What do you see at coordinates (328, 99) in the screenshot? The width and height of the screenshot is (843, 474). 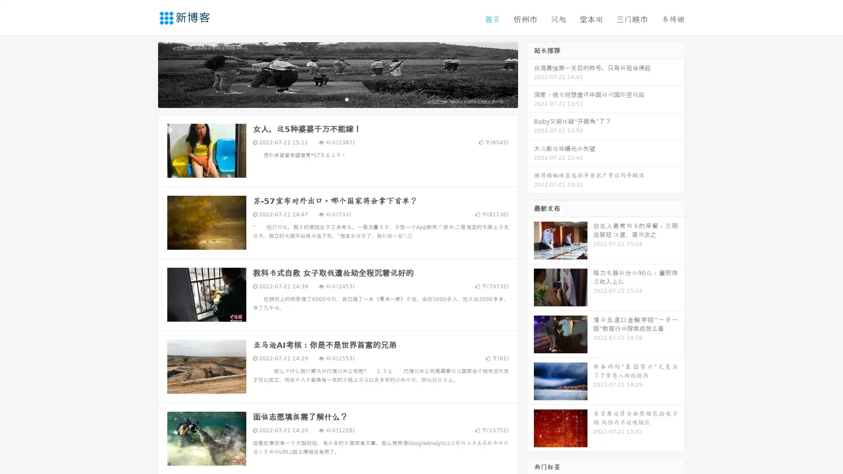 I see `Go to slide 1` at bounding box center [328, 99].